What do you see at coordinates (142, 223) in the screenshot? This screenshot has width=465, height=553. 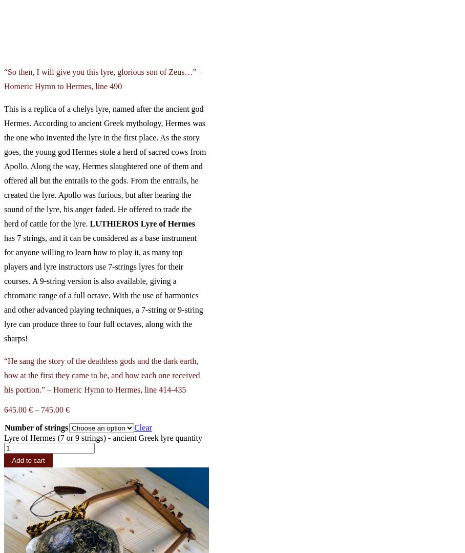 I see `'LUTHIEROS Lyre of Hermes'` at bounding box center [142, 223].